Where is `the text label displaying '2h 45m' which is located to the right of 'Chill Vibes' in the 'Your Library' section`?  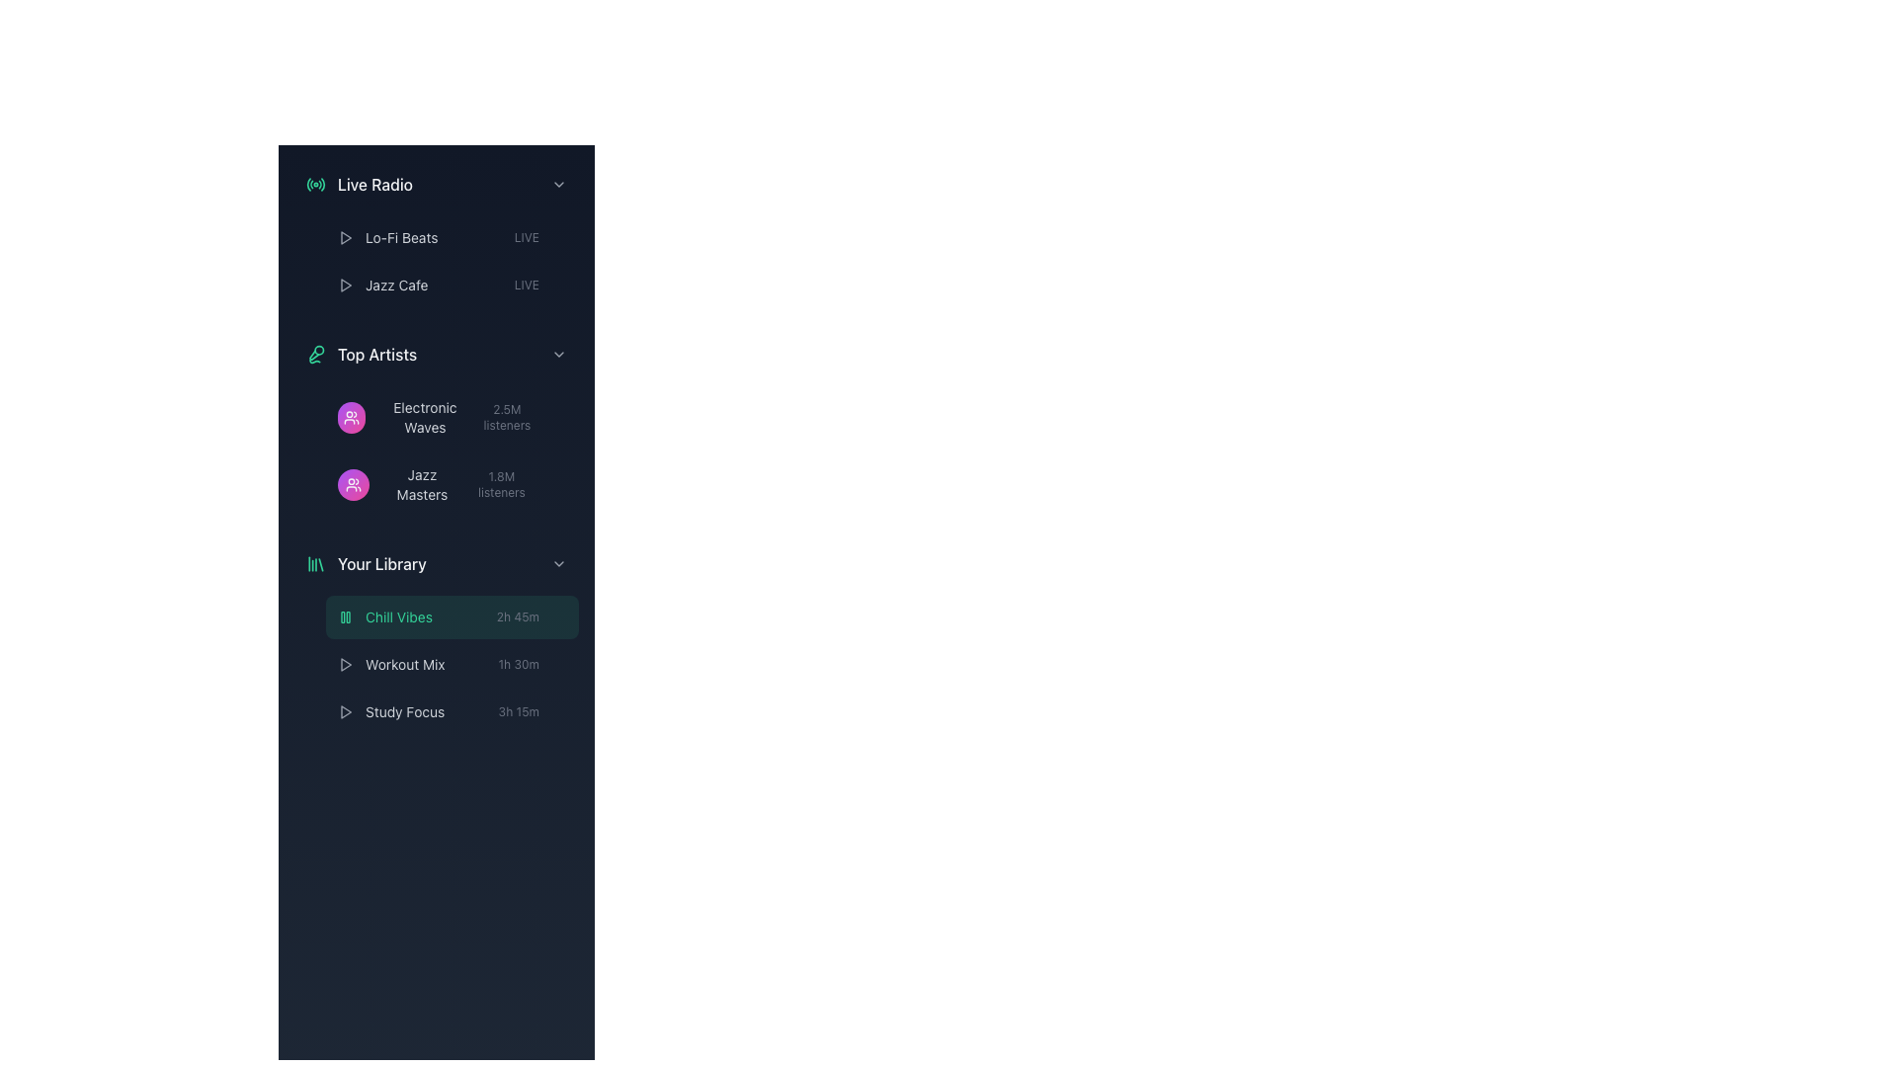 the text label displaying '2h 45m' which is located to the right of 'Chill Vibes' in the 'Your Library' section is located at coordinates (518, 616).